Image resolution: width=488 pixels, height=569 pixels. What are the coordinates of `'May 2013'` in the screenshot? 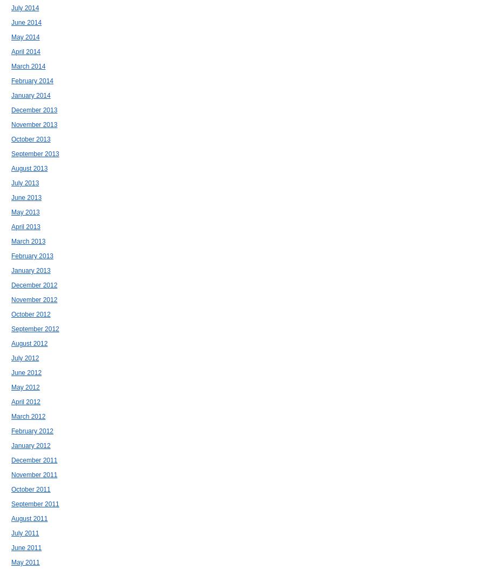 It's located at (10, 212).